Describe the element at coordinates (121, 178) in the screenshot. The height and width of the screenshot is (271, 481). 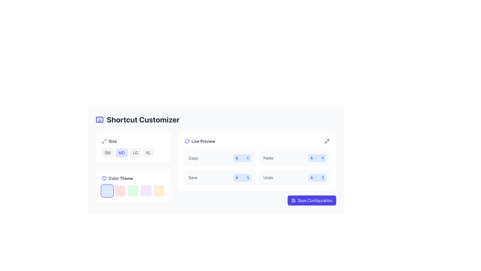
I see `the static text label 'Color Theme', which is styled in gray with a bold font and serves as the title for theme selection` at that location.